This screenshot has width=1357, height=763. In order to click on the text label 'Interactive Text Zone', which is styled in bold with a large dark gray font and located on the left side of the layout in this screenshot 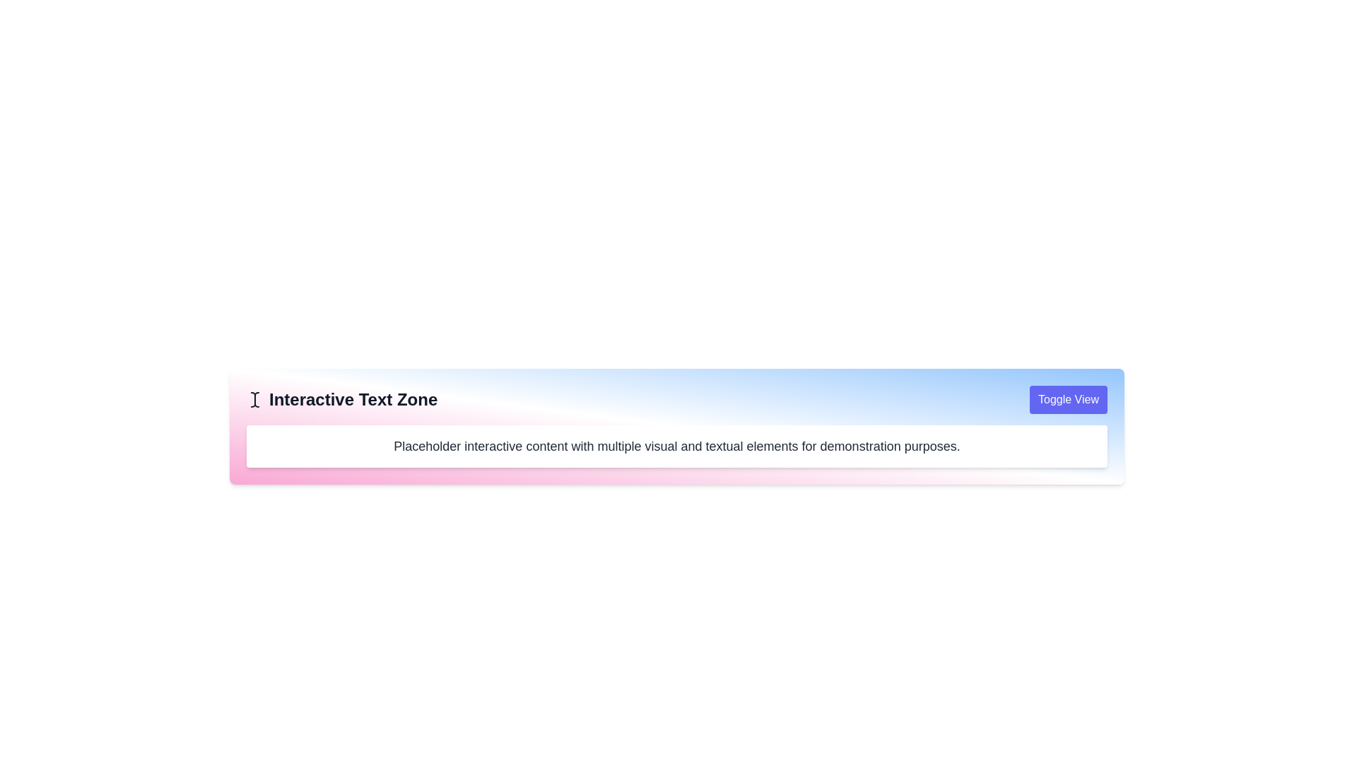, I will do `click(342, 400)`.